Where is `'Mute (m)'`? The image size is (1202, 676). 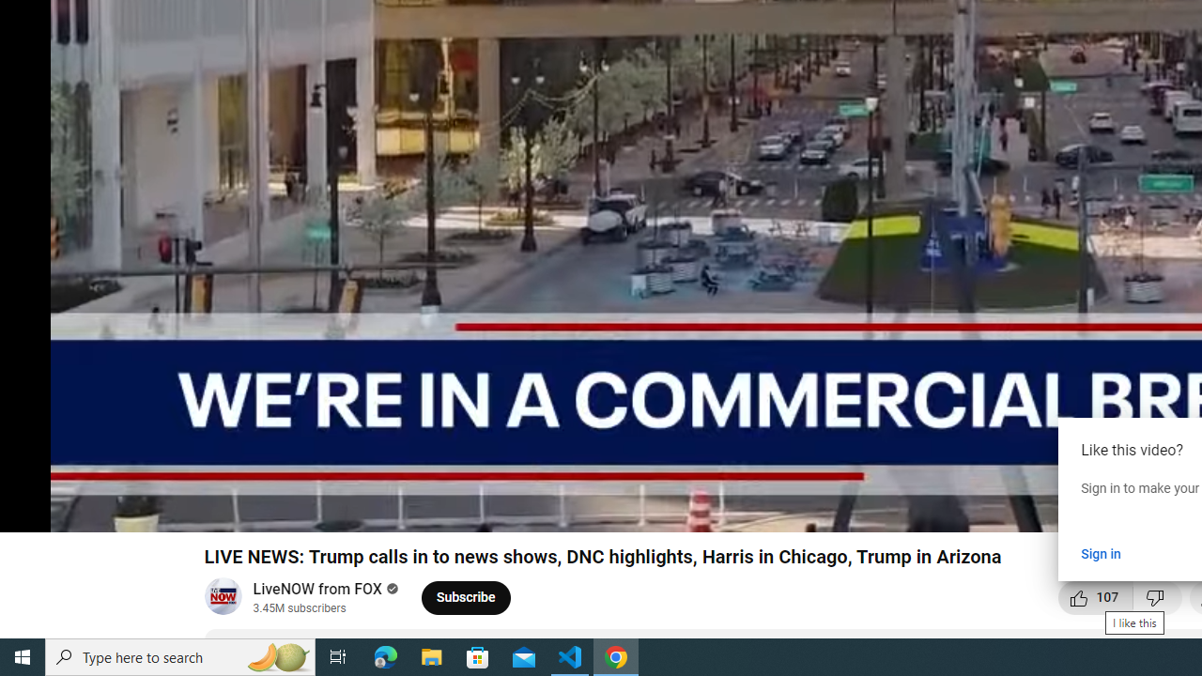
'Mute (m)' is located at coordinates (120, 510).